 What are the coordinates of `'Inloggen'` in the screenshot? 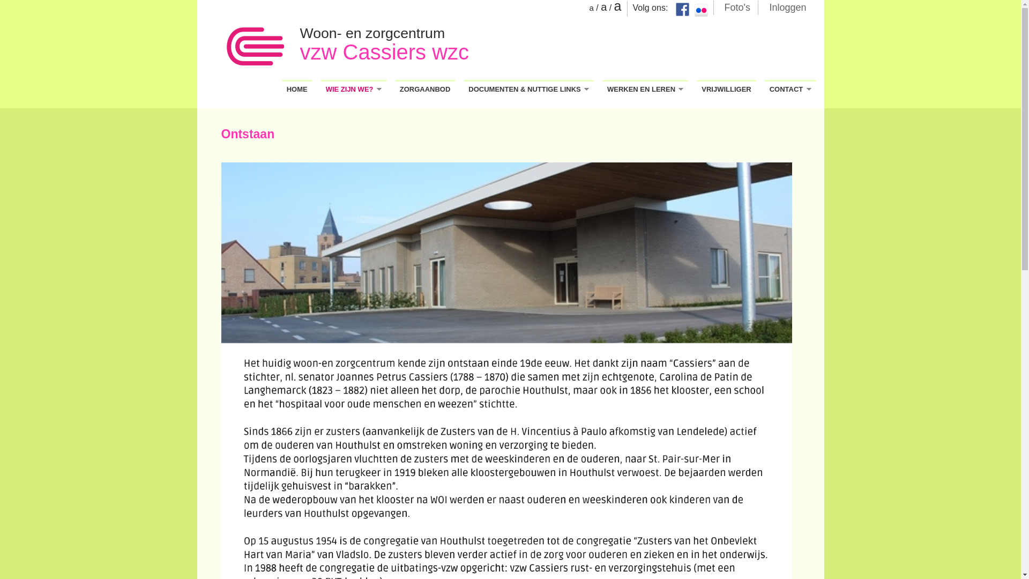 It's located at (787, 6).